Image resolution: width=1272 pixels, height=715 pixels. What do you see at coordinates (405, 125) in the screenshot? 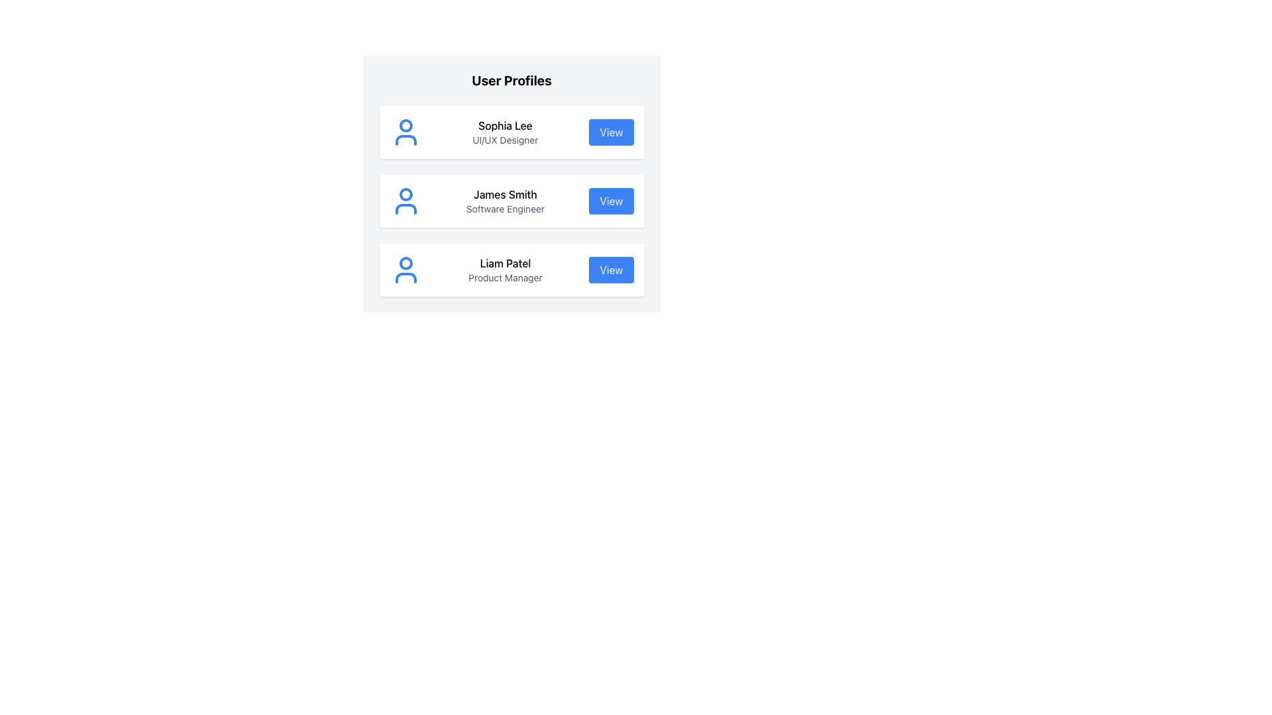
I see `graphical circle representing the head of the user profile icon for 'Sophia Lee', located in the first row of the user profile list` at bounding box center [405, 125].